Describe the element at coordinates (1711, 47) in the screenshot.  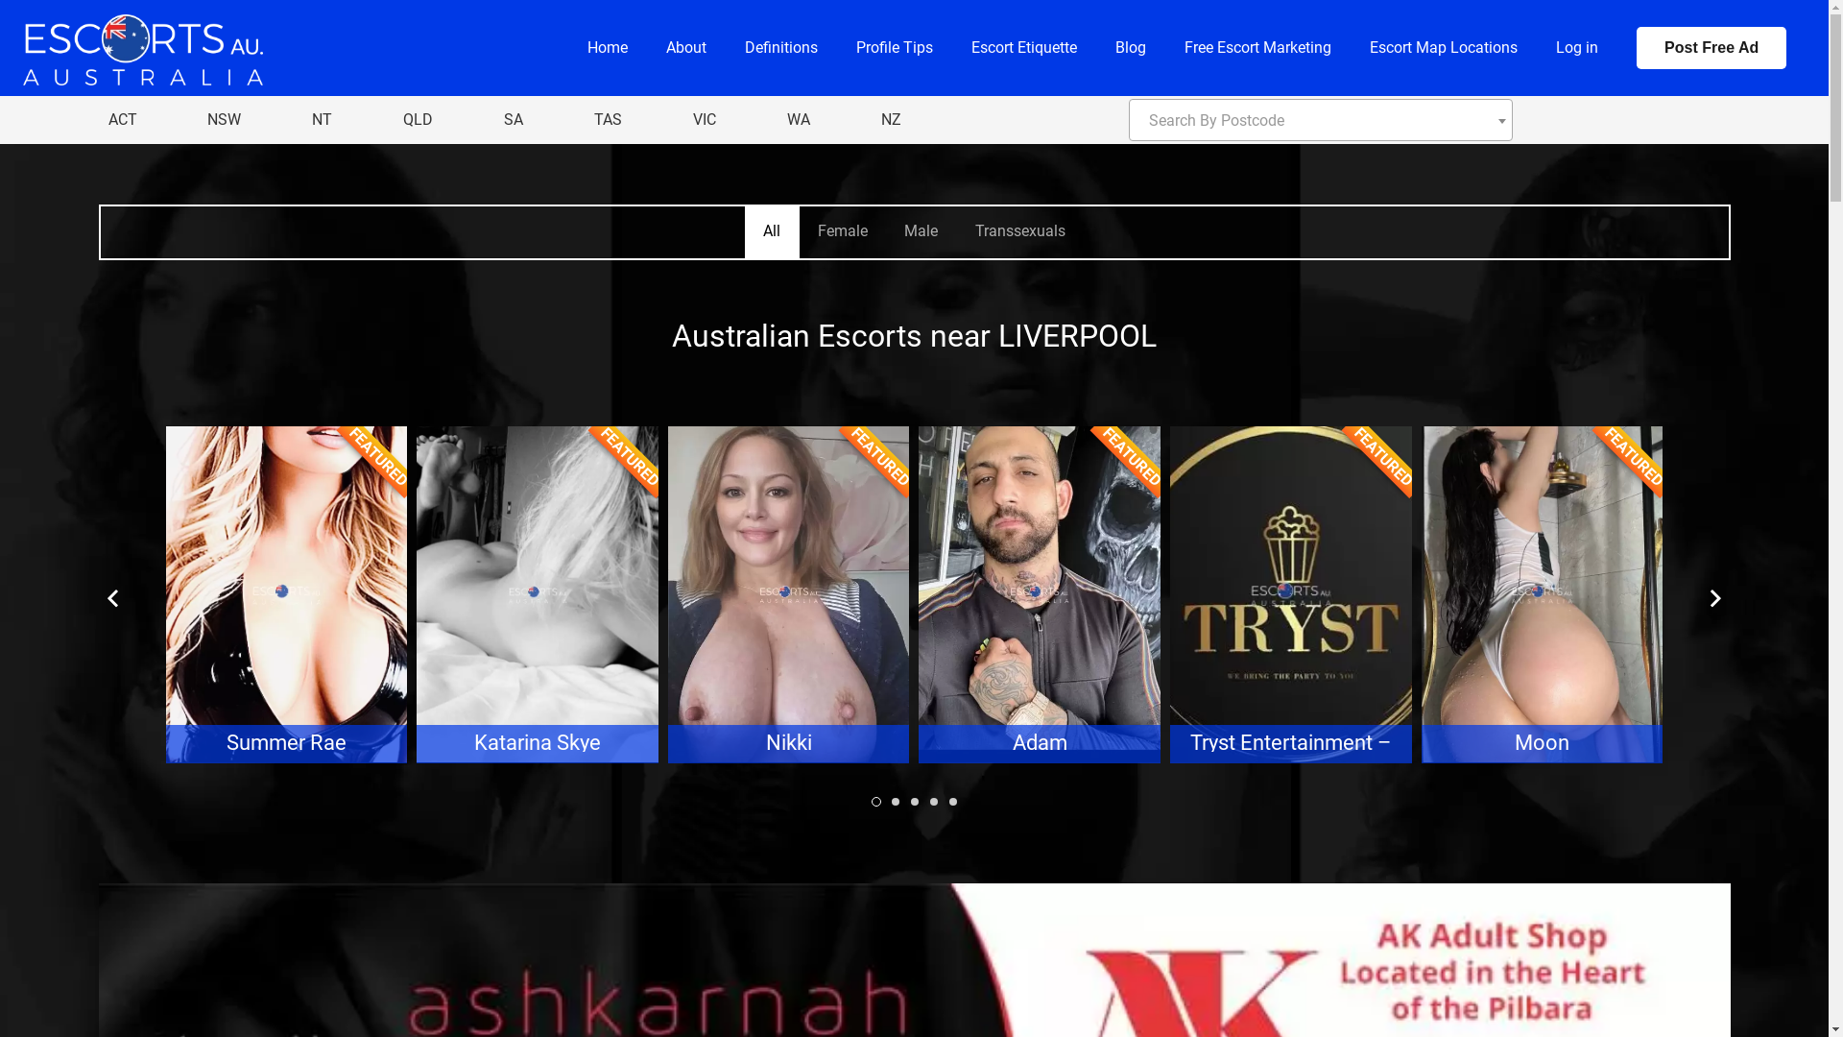
I see `'Post Free Ad'` at that location.